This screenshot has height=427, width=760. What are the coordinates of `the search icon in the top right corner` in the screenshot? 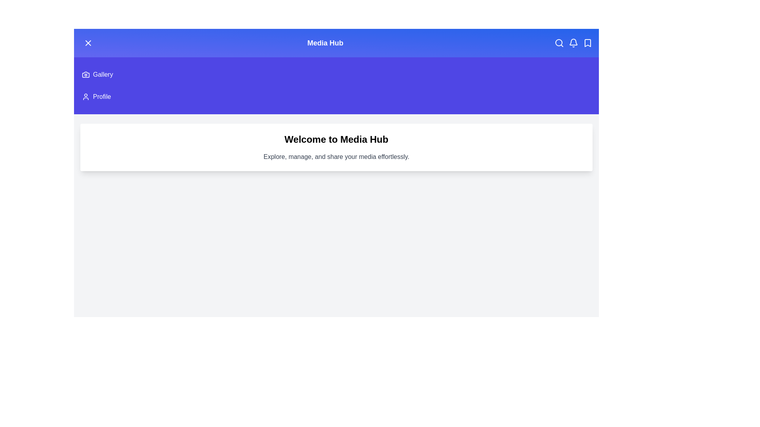 It's located at (559, 43).